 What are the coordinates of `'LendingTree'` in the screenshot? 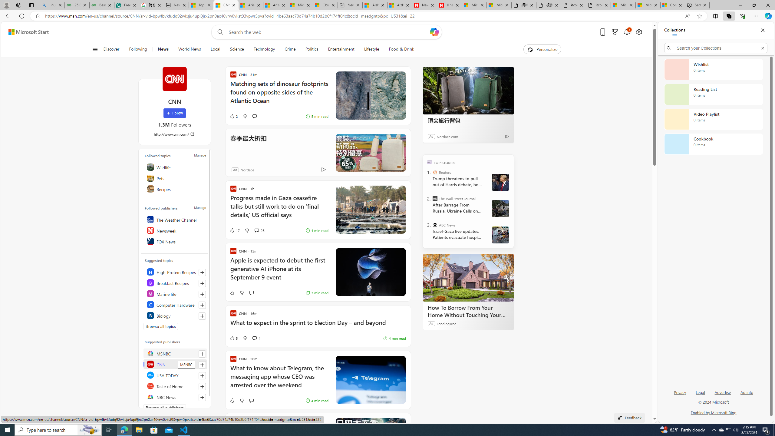 It's located at (446, 323).